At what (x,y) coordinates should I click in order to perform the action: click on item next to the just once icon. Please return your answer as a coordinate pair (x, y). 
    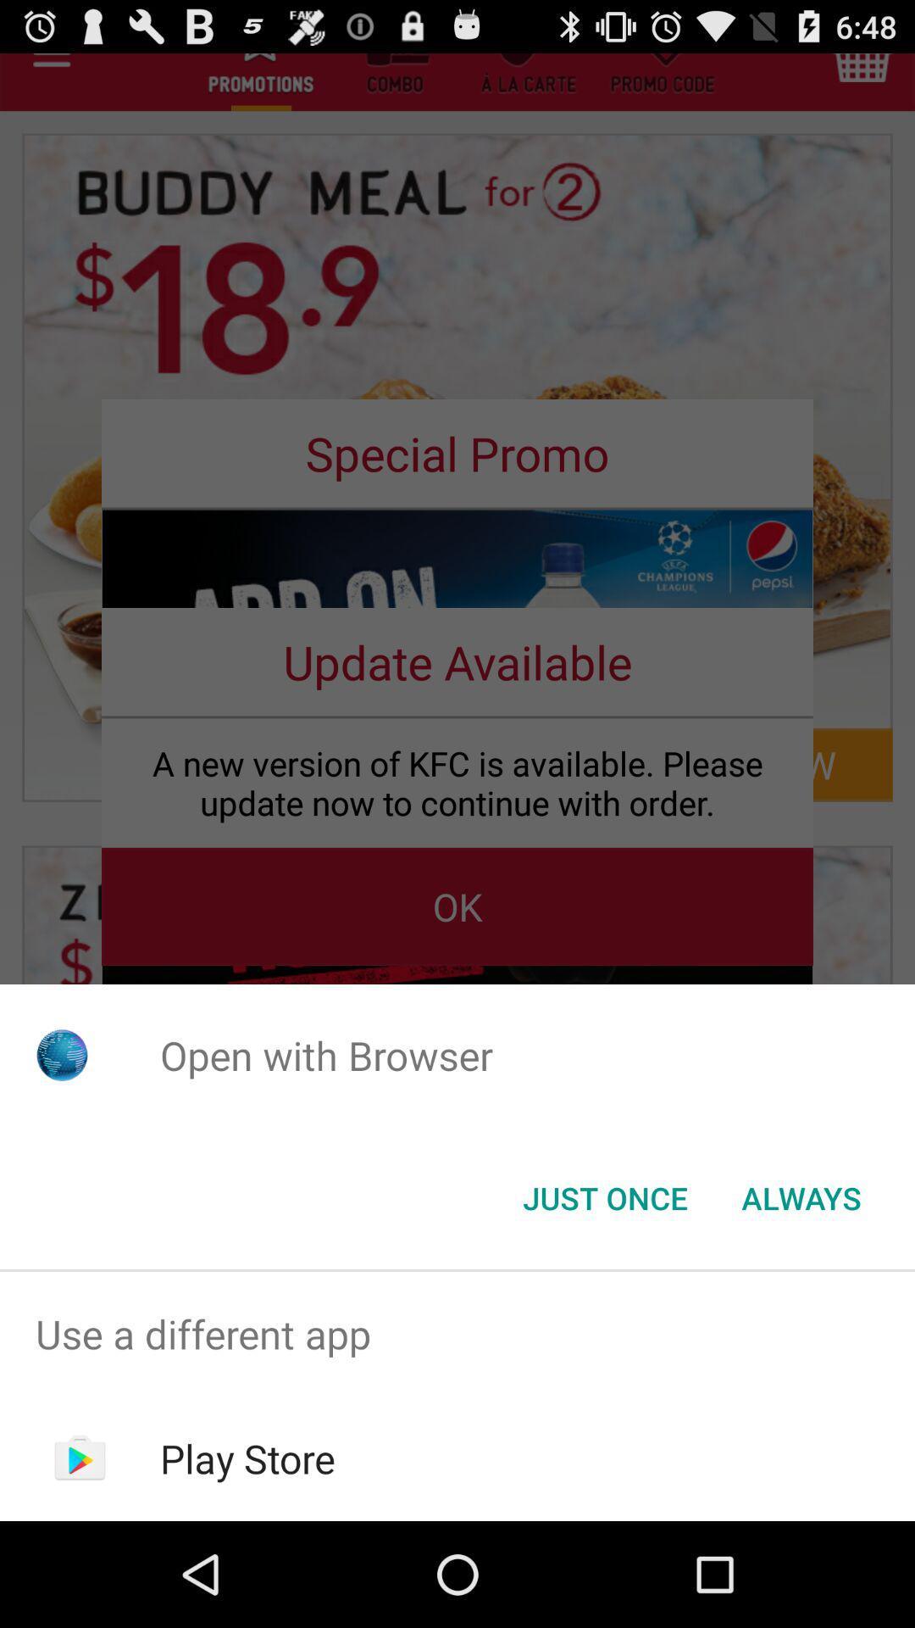
    Looking at the image, I should click on (801, 1196).